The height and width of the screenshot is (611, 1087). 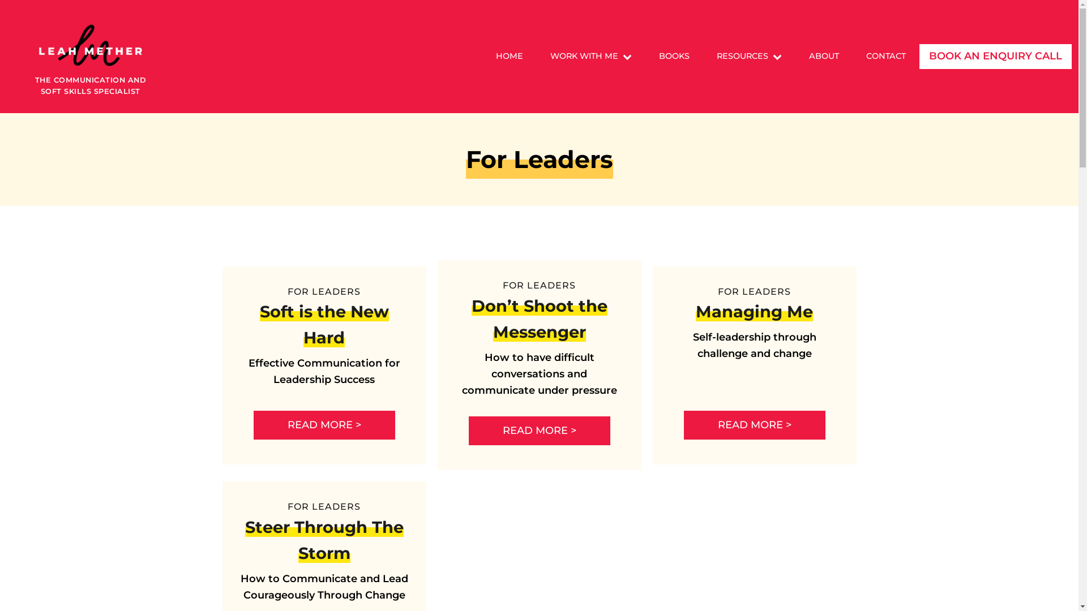 I want to click on 'READ MORE >', so click(x=323, y=425).